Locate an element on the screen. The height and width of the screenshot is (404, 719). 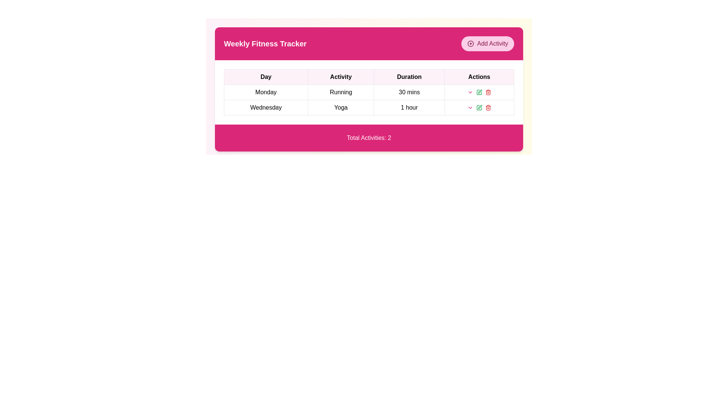
the trash bin icon in the 'Actions' column of the second row is located at coordinates (488, 92).